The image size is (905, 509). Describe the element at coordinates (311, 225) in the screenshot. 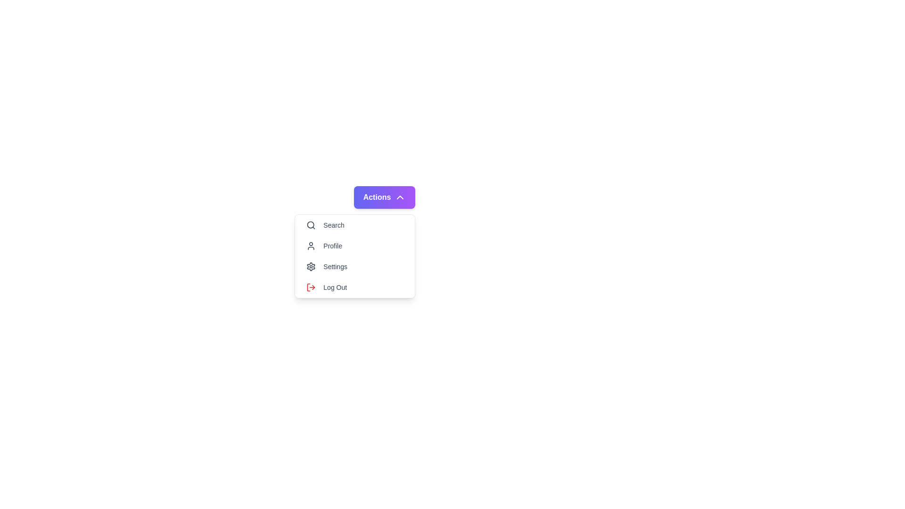

I see `the magnifying glass icon with a gray outline located to the left of the 'Search' text in the first menu entry` at that location.